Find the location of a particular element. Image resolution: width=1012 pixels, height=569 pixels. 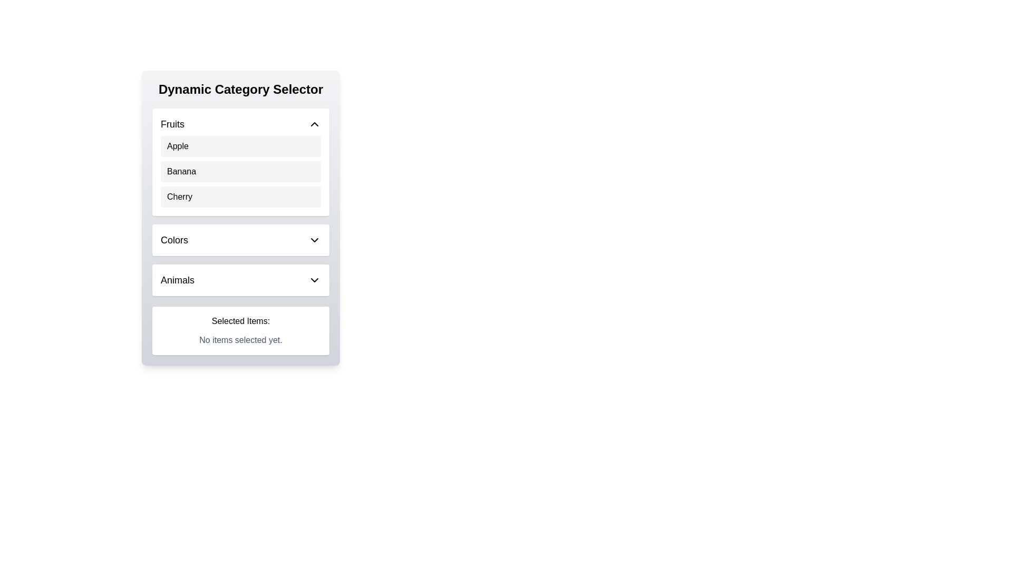

the 'Banana' text label in the Fruits section is located at coordinates (181, 171).